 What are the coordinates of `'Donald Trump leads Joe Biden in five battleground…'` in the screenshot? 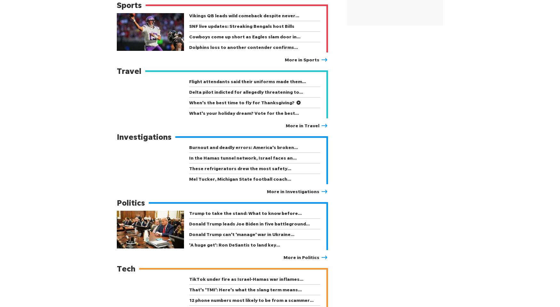 It's located at (249, 224).